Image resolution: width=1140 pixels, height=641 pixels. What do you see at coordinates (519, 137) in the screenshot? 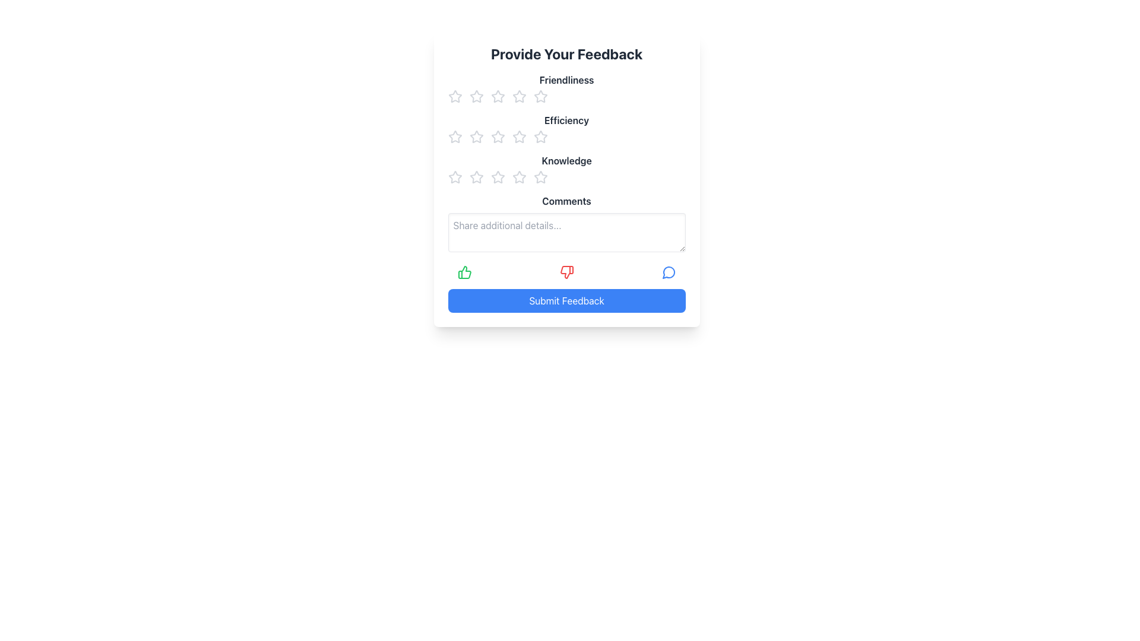
I see `the fourth star icon in the second row of the feedback form` at bounding box center [519, 137].